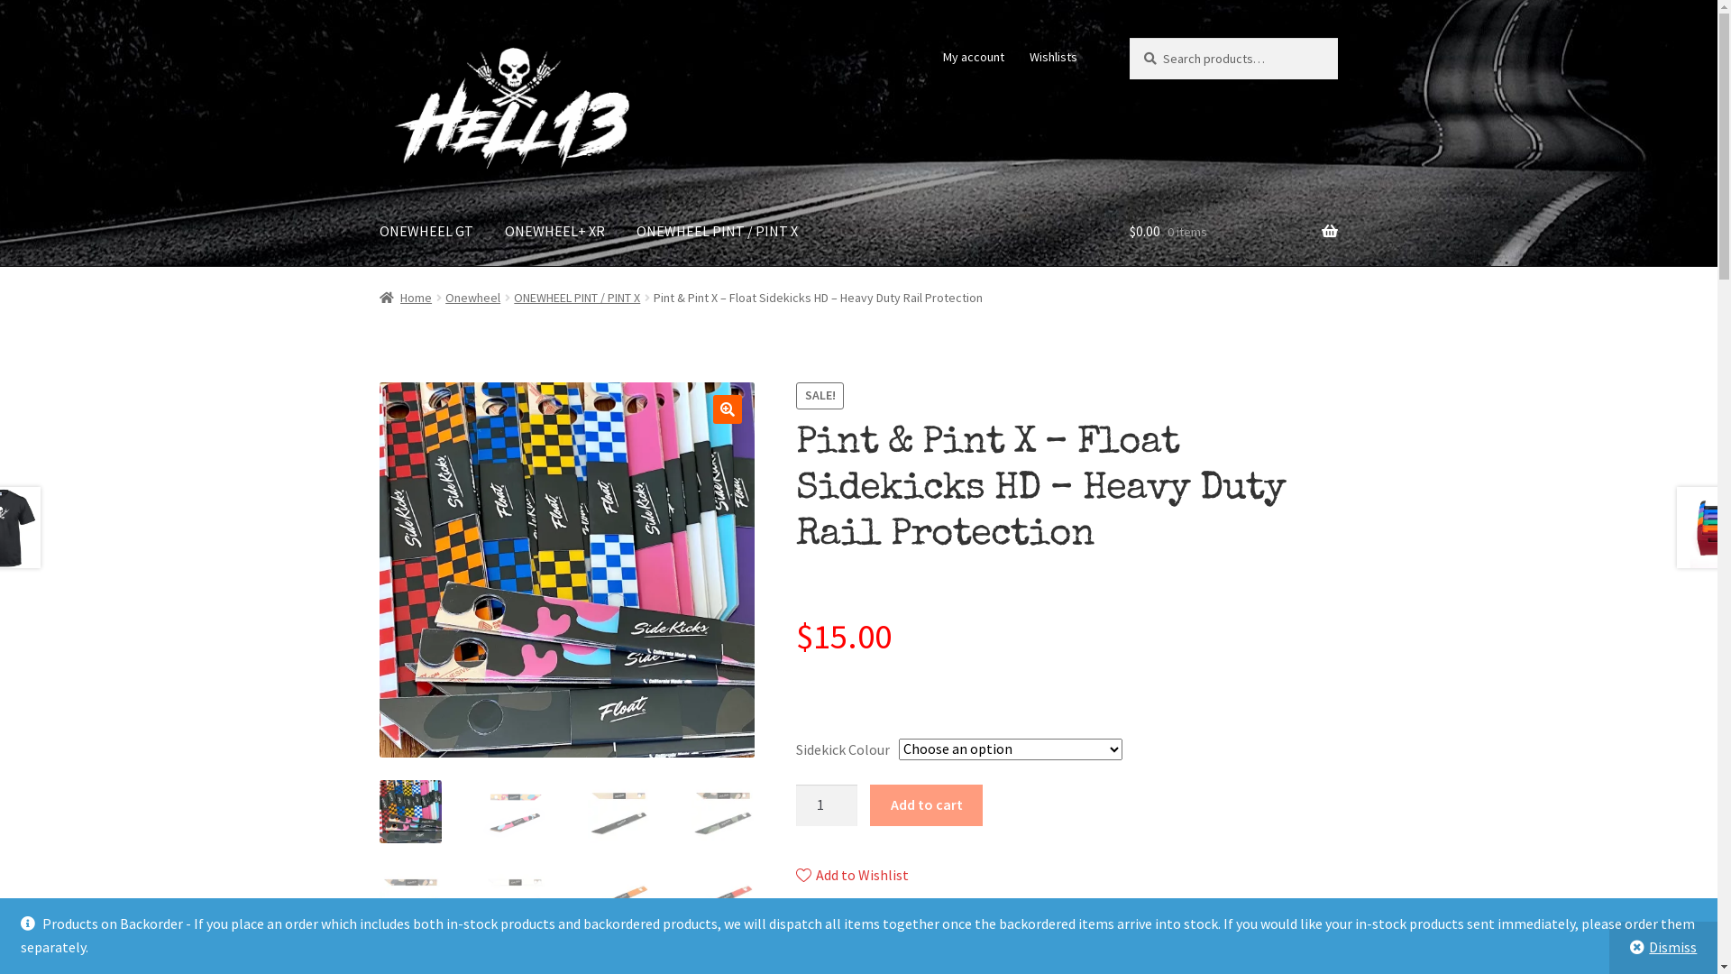  I want to click on 'ONEWHEEL GT', so click(426, 231).